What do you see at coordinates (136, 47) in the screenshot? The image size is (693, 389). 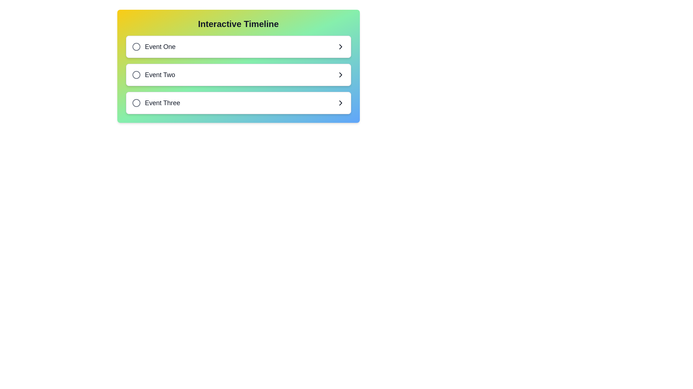 I see `the decorative SVG graphic (circle) representing 'Event One' in the timeline card at the top of the interface` at bounding box center [136, 47].